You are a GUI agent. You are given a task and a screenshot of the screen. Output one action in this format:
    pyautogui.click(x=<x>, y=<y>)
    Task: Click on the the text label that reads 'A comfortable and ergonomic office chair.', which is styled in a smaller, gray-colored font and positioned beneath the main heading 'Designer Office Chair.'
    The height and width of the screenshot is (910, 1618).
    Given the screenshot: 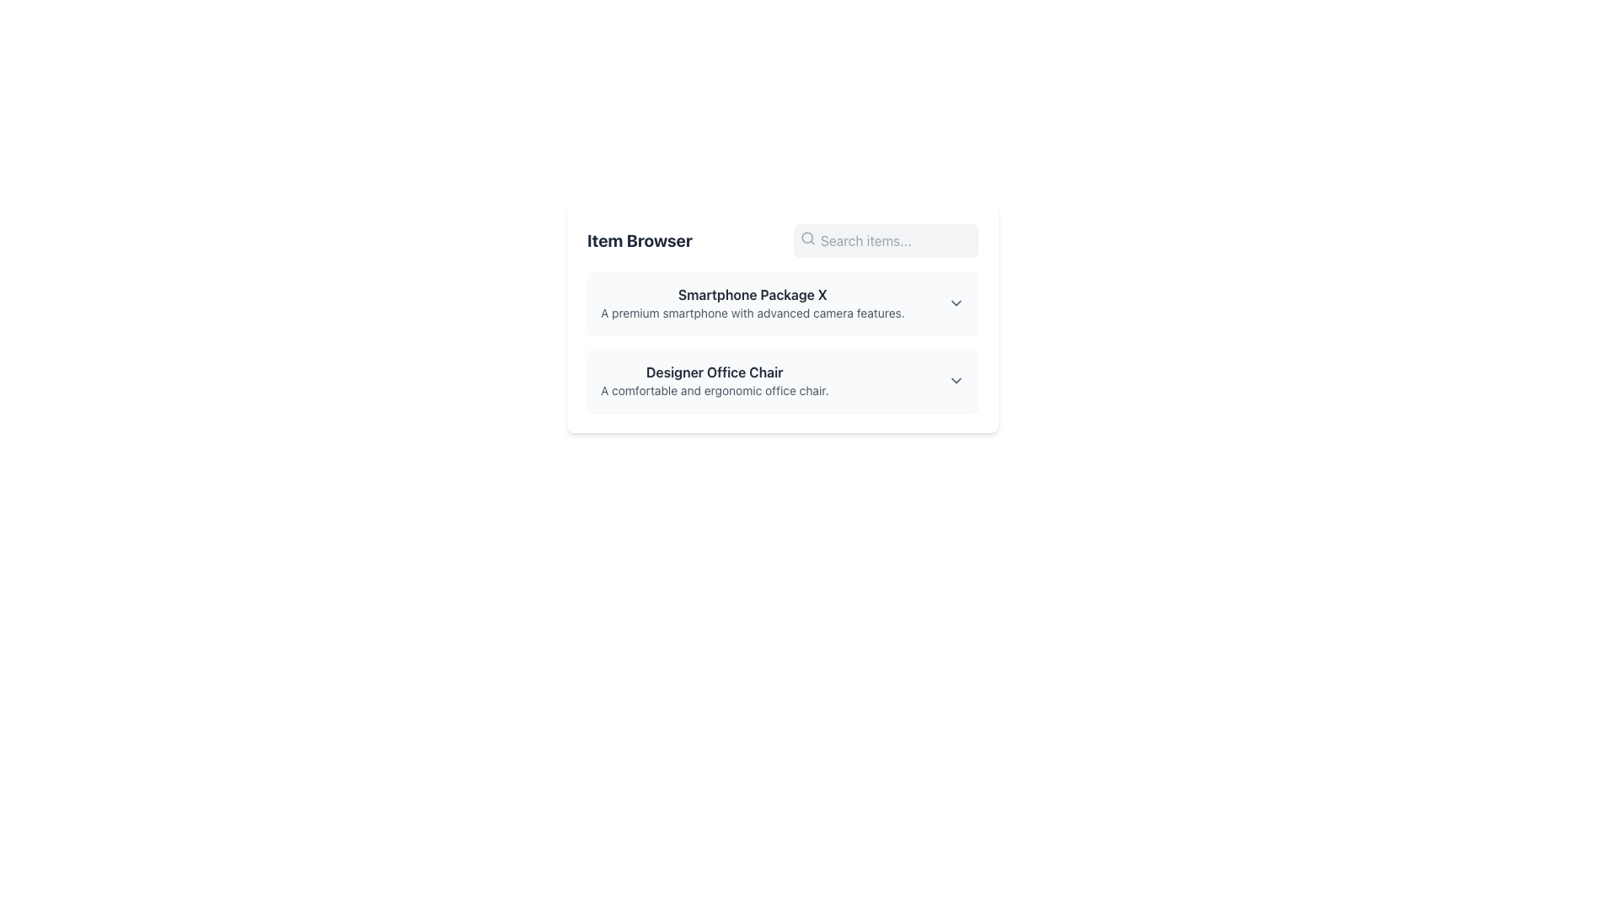 What is the action you would take?
    pyautogui.click(x=715, y=390)
    